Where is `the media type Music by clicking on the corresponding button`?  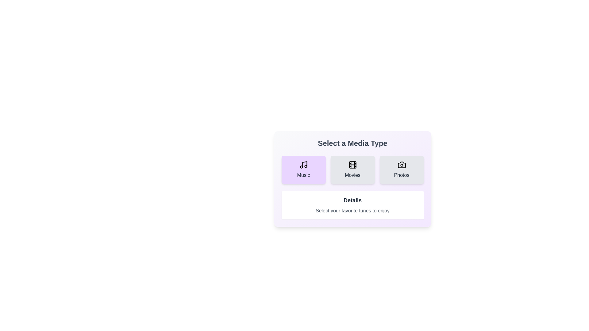
the media type Music by clicking on the corresponding button is located at coordinates (303, 170).